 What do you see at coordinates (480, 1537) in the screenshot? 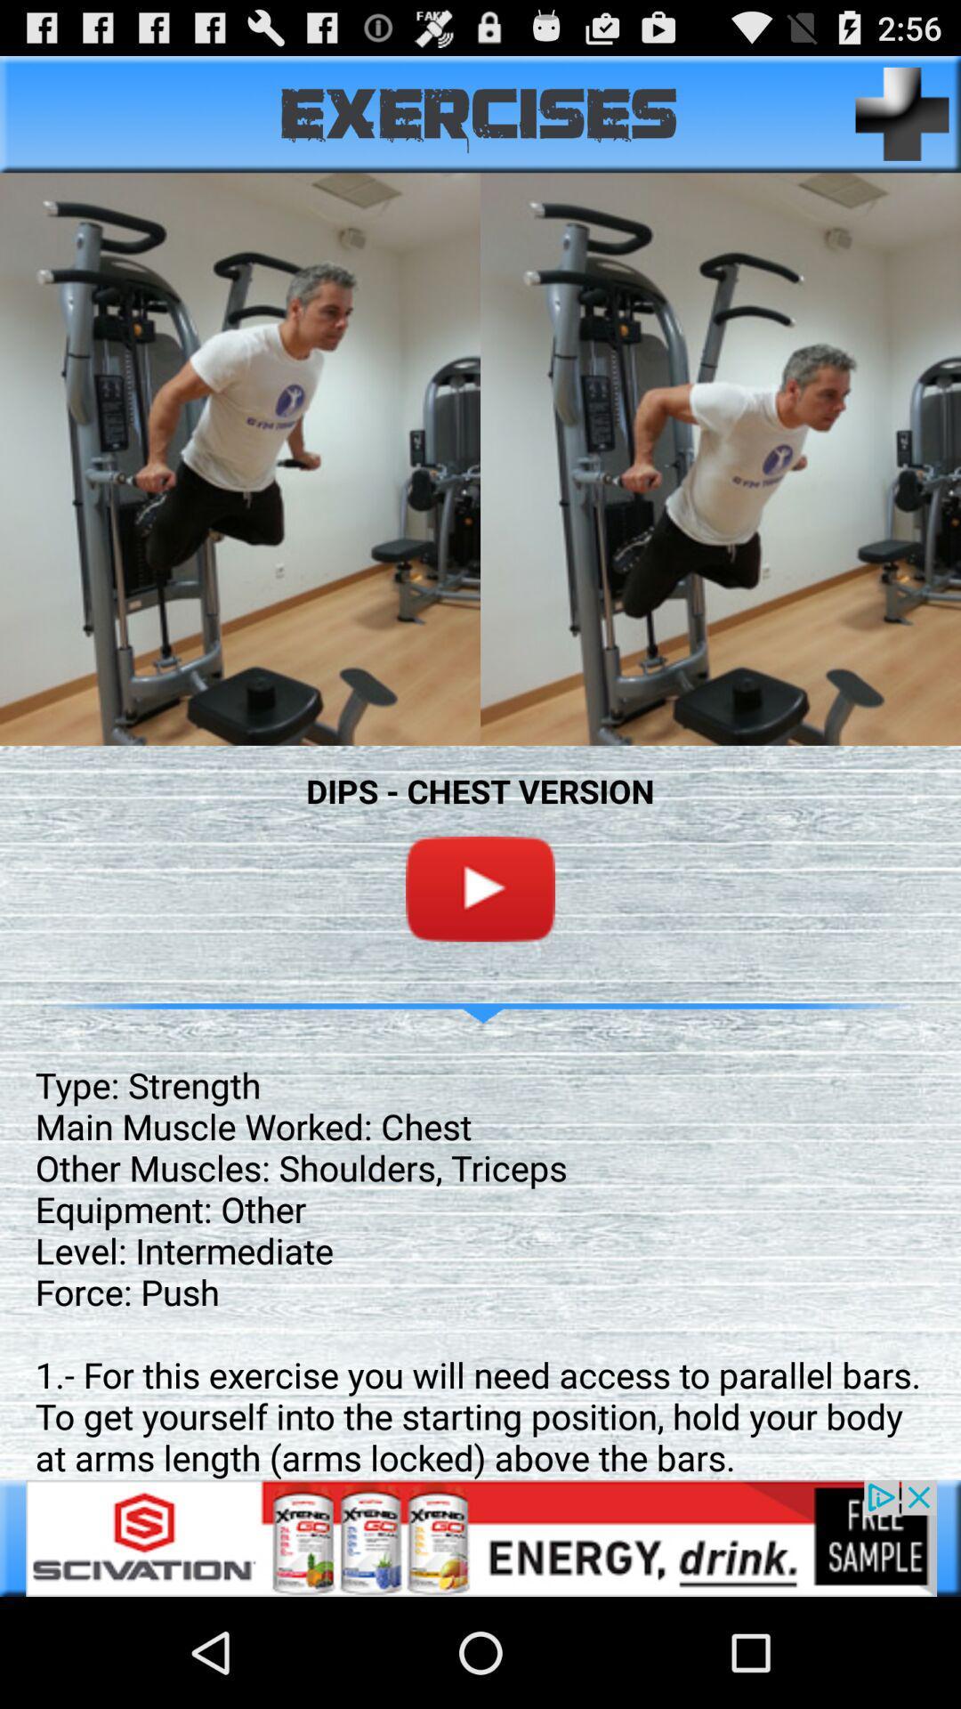
I see `open advertisement` at bounding box center [480, 1537].